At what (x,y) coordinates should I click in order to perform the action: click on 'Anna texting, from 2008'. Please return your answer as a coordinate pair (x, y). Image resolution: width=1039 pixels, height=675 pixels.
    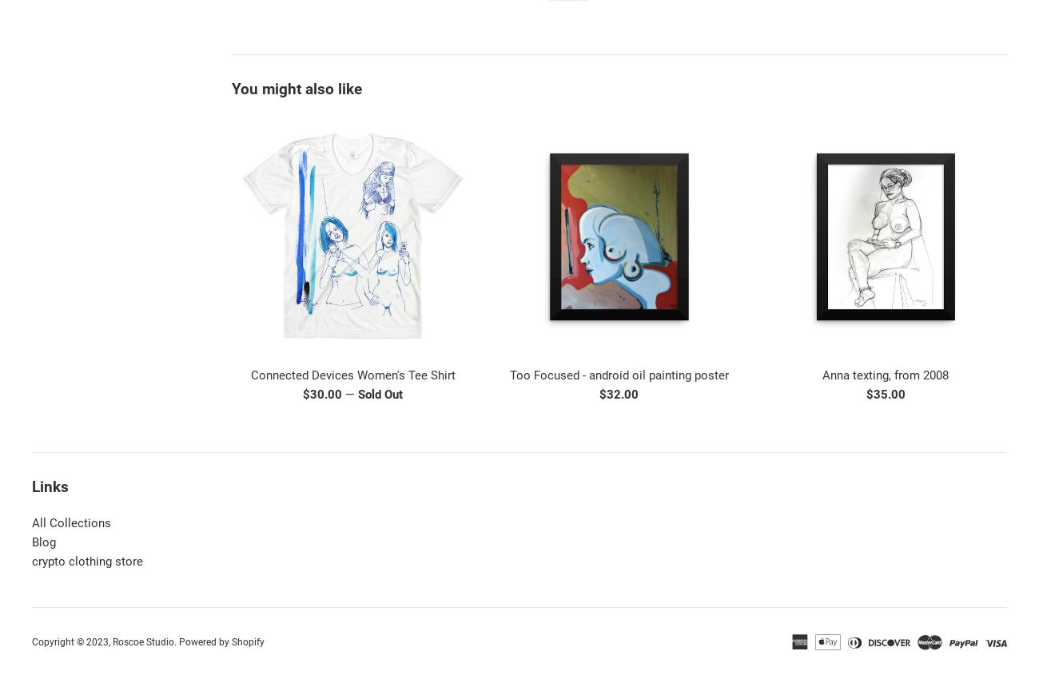
    Looking at the image, I should click on (884, 375).